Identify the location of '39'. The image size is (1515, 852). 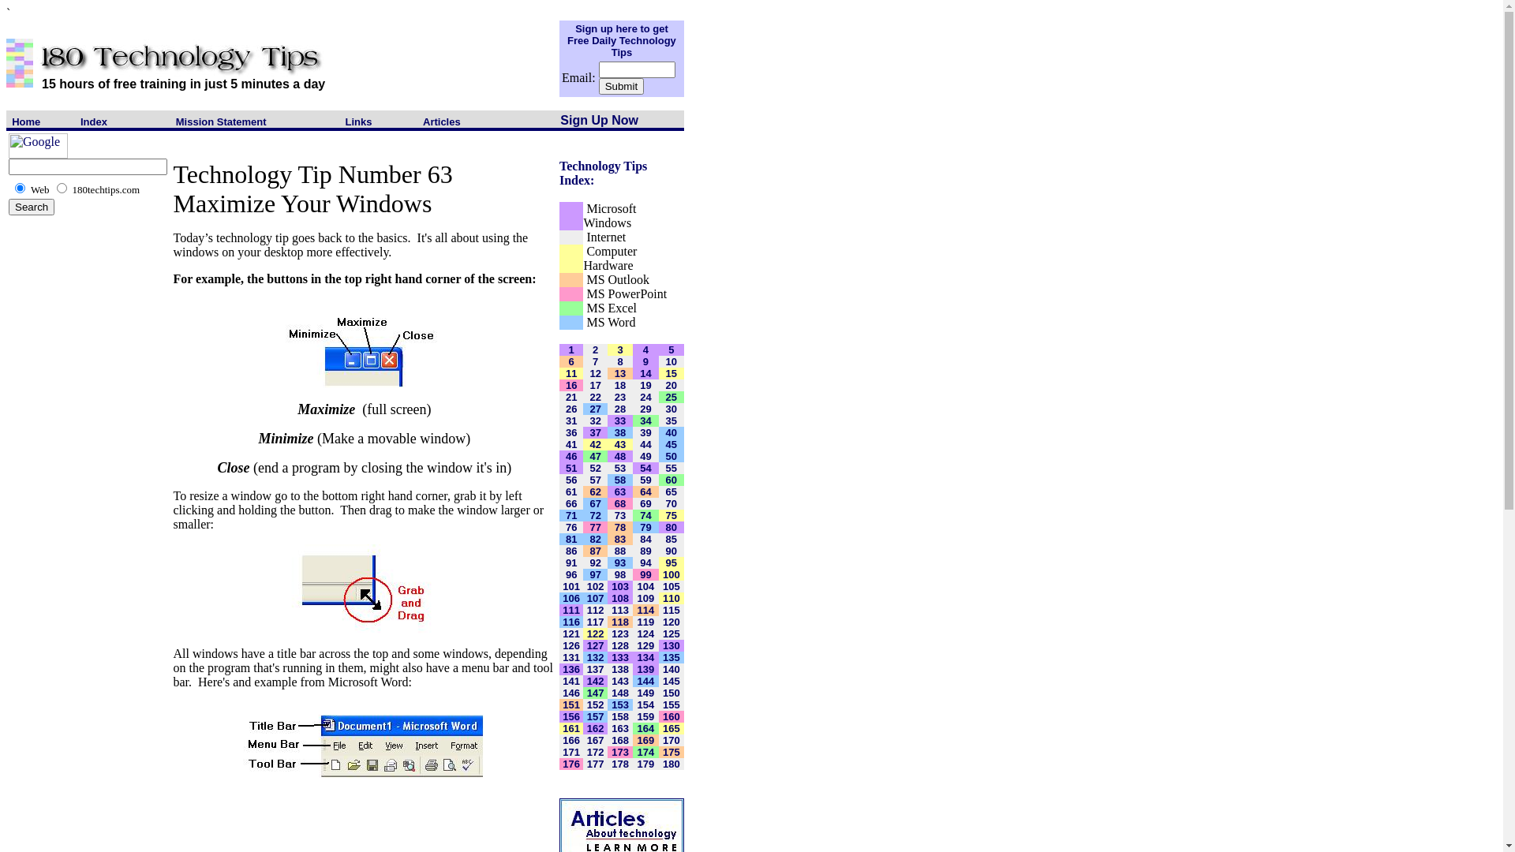
(640, 432).